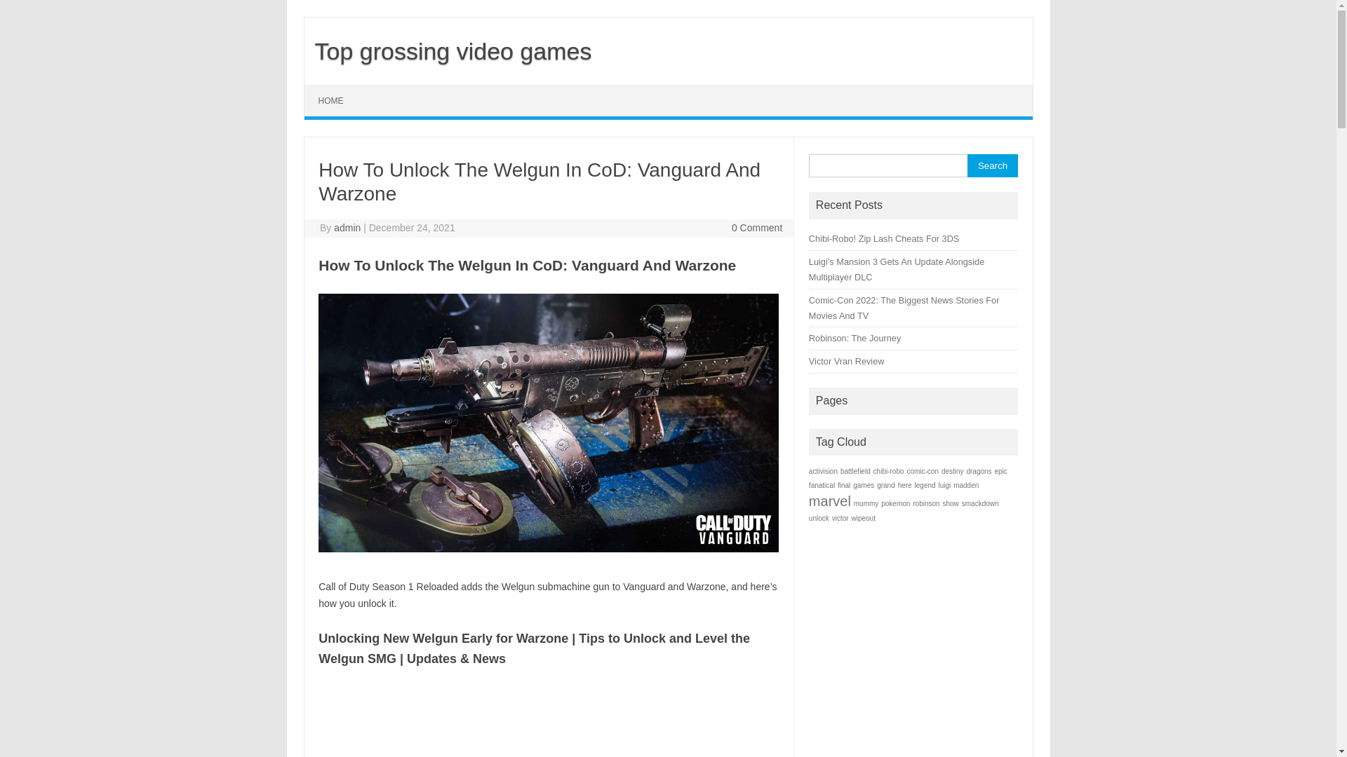 The image size is (1347, 757). Describe the element at coordinates (951, 503) in the screenshot. I see `'show'` at that location.